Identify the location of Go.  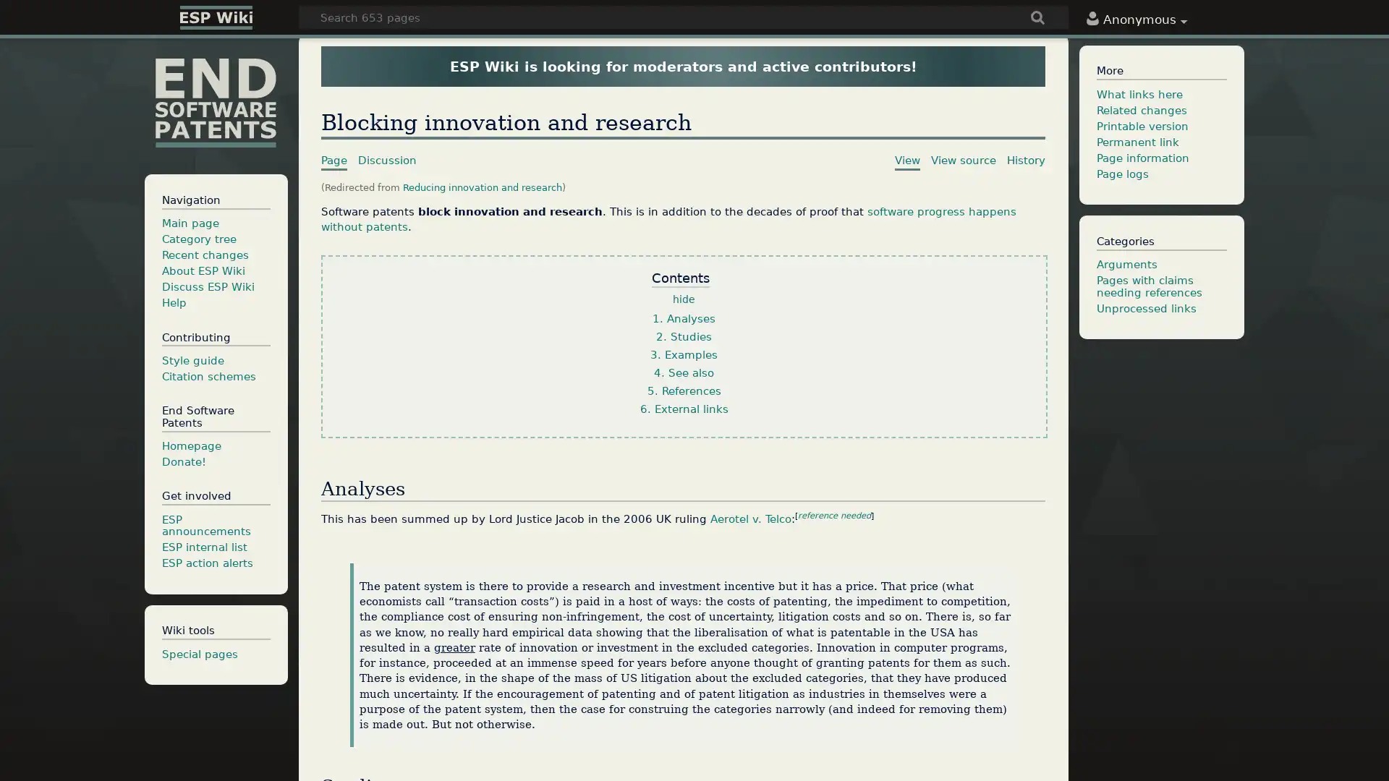
(1037, 19).